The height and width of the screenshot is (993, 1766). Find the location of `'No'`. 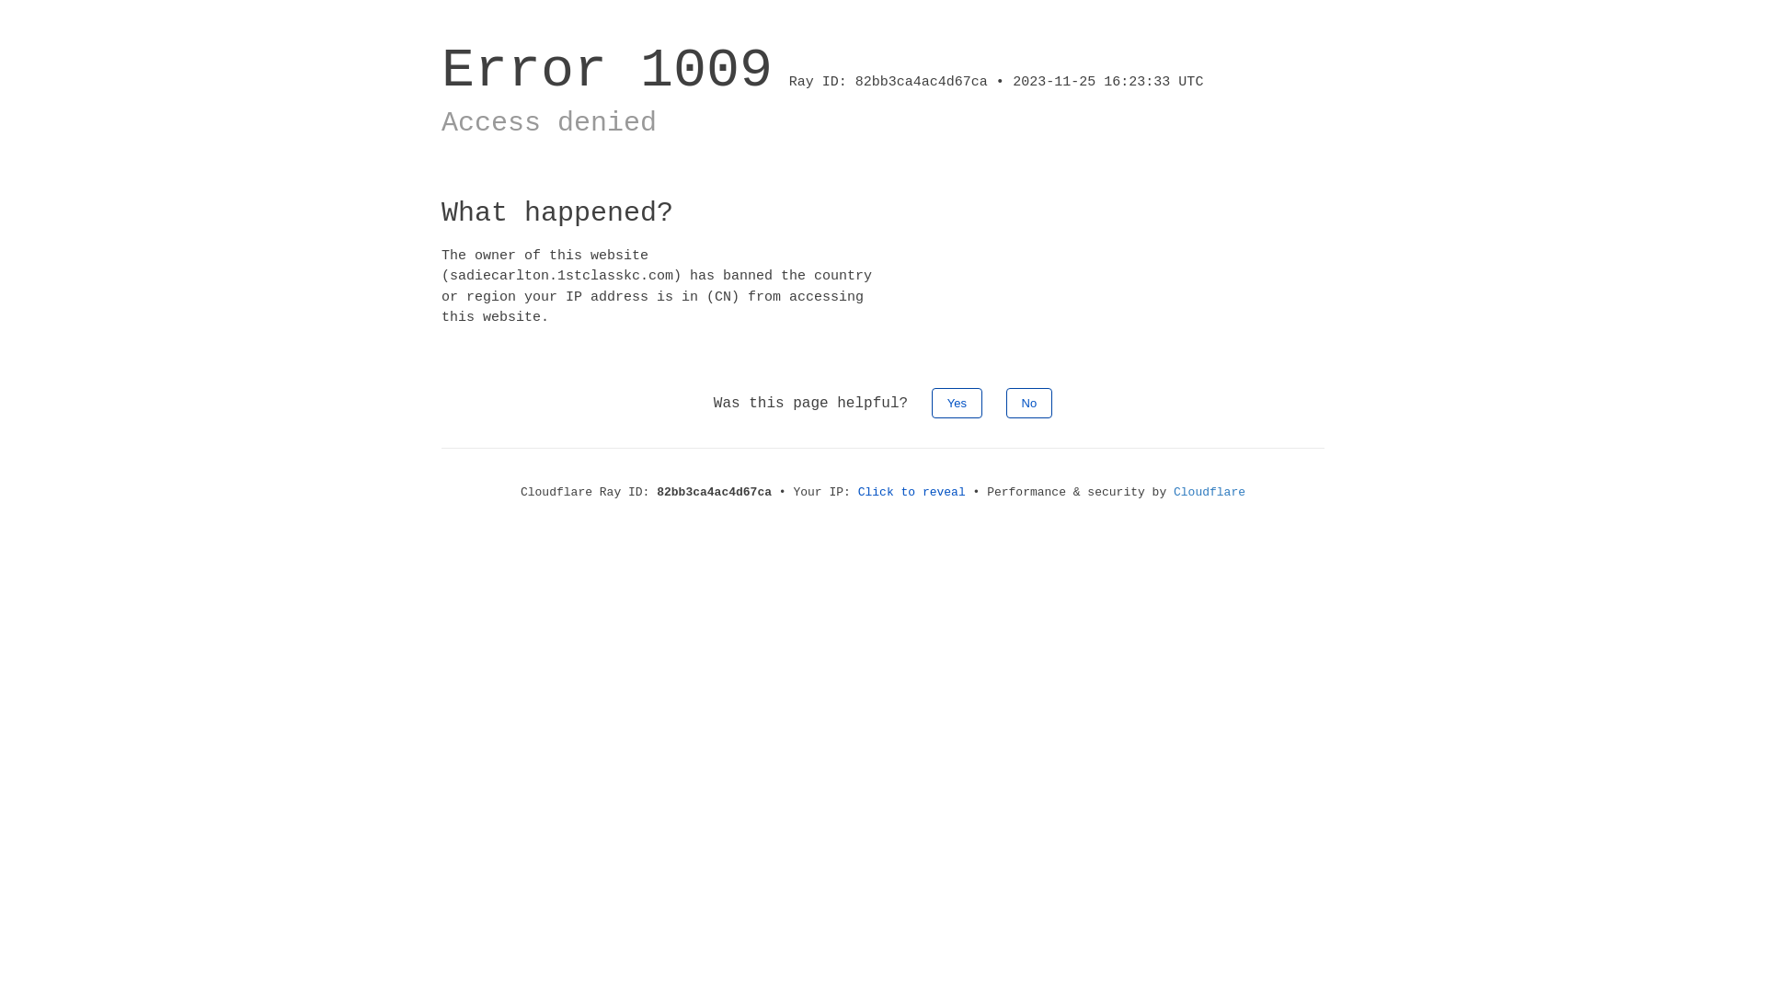

'No' is located at coordinates (1028, 402).